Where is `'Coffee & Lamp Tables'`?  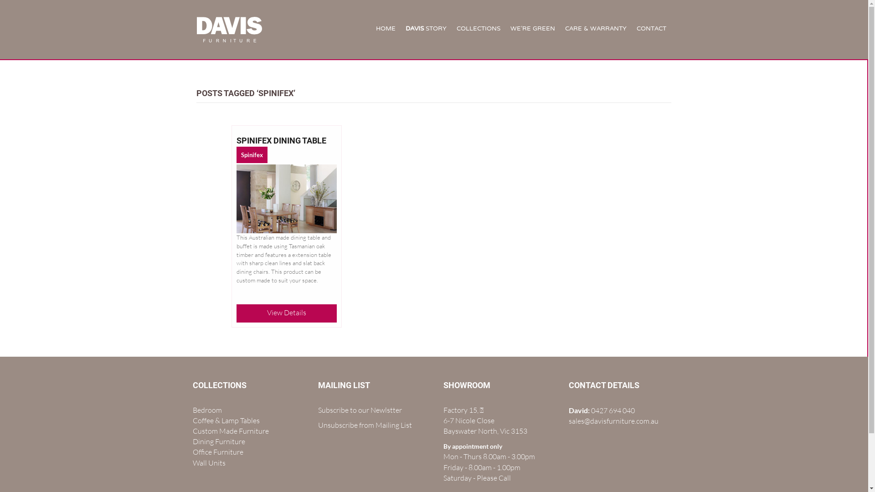 'Coffee & Lamp Tables' is located at coordinates (226, 420).